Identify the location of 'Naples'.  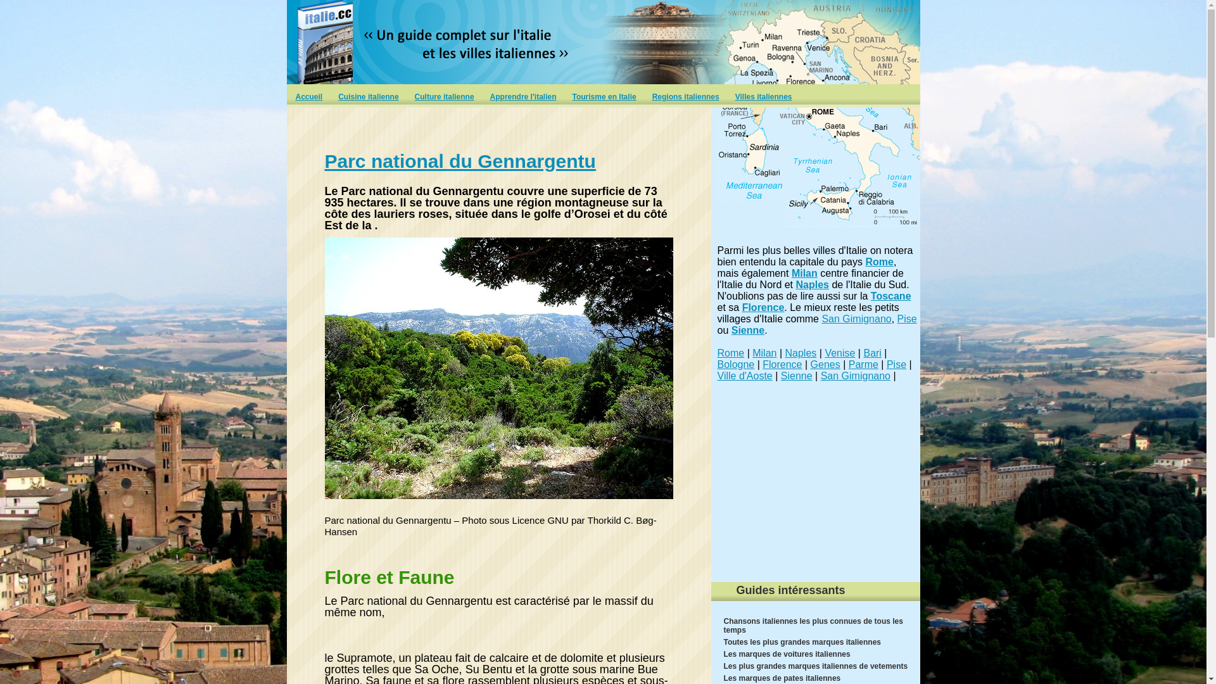
(801, 353).